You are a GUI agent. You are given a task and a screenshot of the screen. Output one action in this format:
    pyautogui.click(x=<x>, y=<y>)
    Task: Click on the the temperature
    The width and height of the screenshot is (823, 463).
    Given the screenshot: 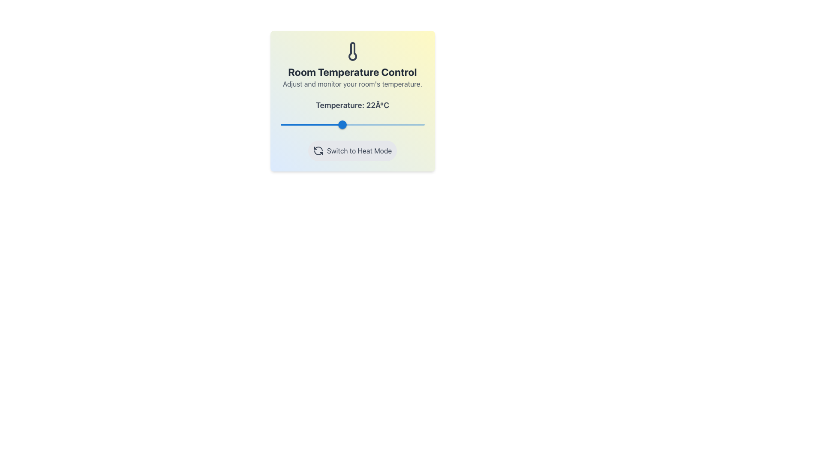 What is the action you would take?
    pyautogui.click(x=370, y=124)
    